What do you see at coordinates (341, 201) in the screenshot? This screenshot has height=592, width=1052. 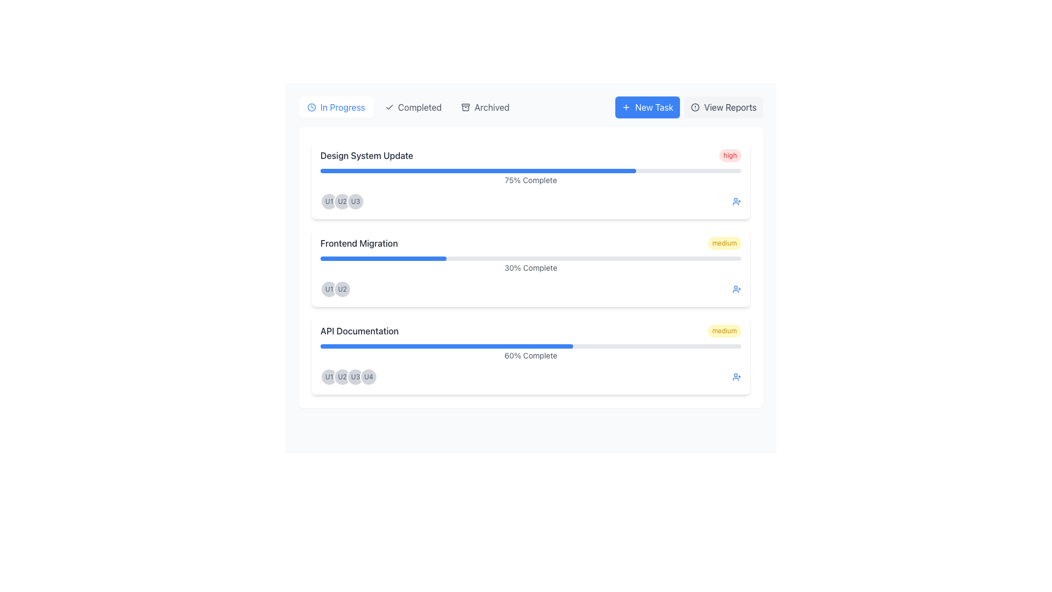 I see `the text label inside the styled badge that signifies a user or related entity in the Design System Update card, specifically the second badge labeled 'U2'` at bounding box center [341, 201].